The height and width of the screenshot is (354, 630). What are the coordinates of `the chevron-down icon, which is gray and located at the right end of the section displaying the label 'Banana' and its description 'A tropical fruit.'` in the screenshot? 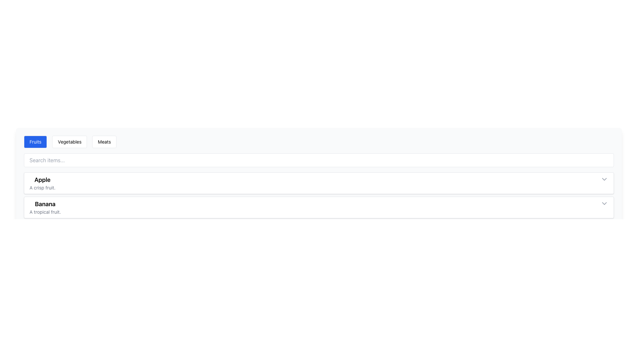 It's located at (604, 203).